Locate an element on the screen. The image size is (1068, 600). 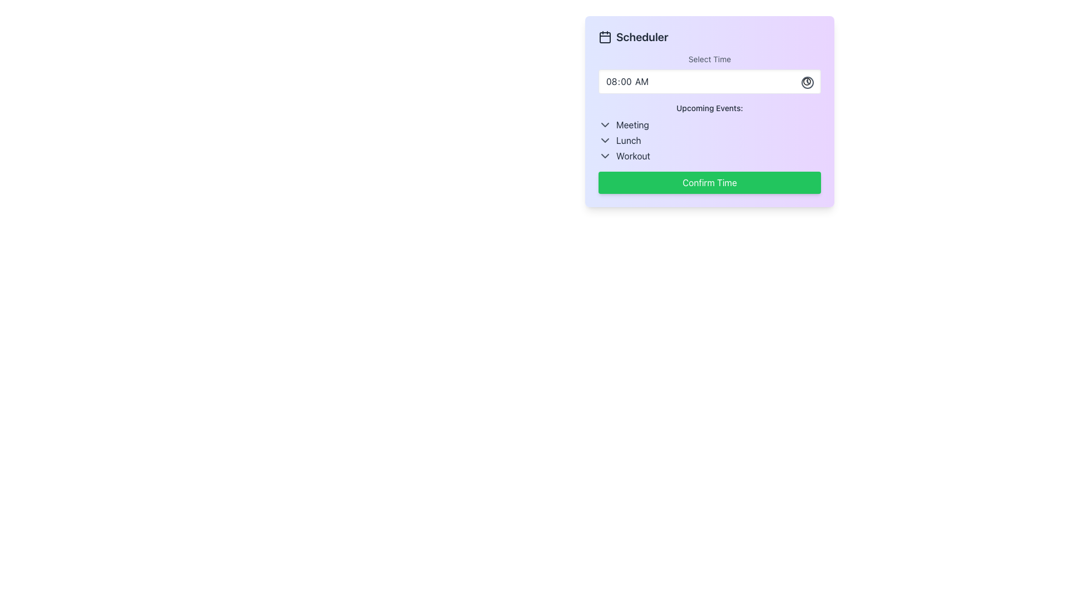
the static text label that denotes the scheduled event as 'Workout', which is the third item in the 'Upcoming Events' list is located at coordinates (633, 156).